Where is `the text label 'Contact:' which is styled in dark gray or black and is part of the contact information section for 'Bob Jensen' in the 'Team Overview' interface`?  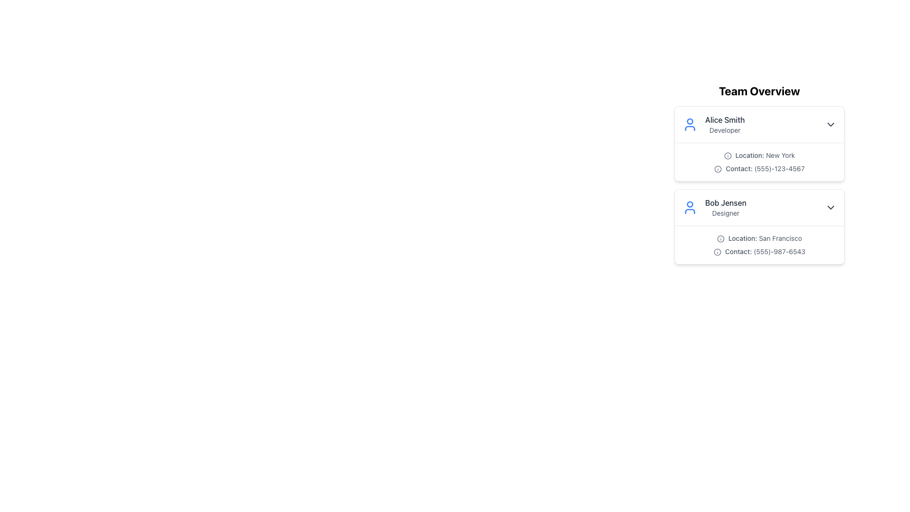 the text label 'Contact:' which is styled in dark gray or black and is part of the contact information section for 'Bob Jensen' in the 'Team Overview' interface is located at coordinates (738, 251).